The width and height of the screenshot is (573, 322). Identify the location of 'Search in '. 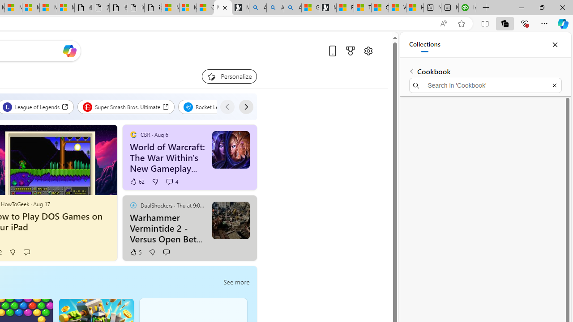
(485, 85).